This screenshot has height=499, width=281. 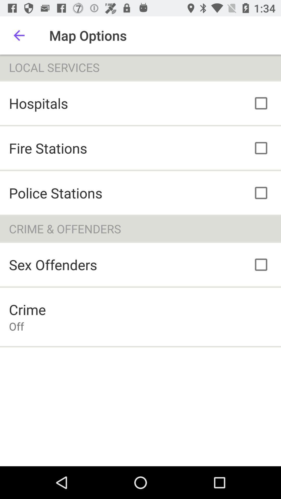 I want to click on the crime & offenders at the center, so click(x=140, y=229).